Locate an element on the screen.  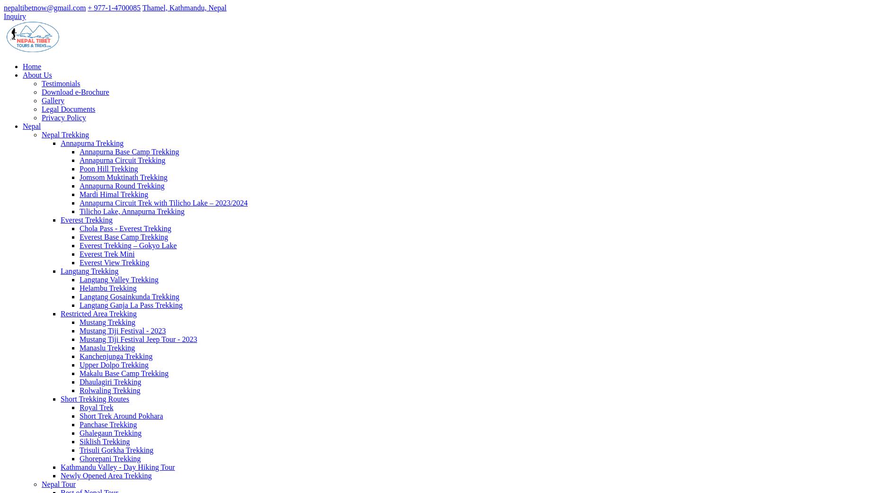
'Rolwaling Trekking' is located at coordinates (109, 390).